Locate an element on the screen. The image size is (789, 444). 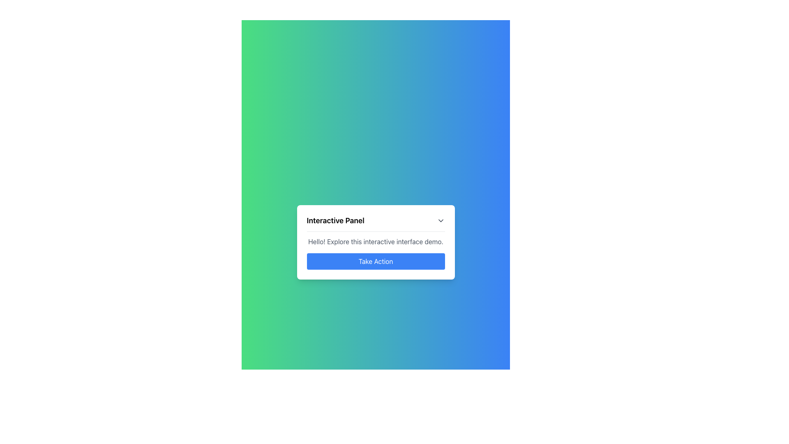
the rectangular blue button labeled 'Take Action' located below the text 'Hello! Explore this interactive interface demo.' is located at coordinates (375, 261).